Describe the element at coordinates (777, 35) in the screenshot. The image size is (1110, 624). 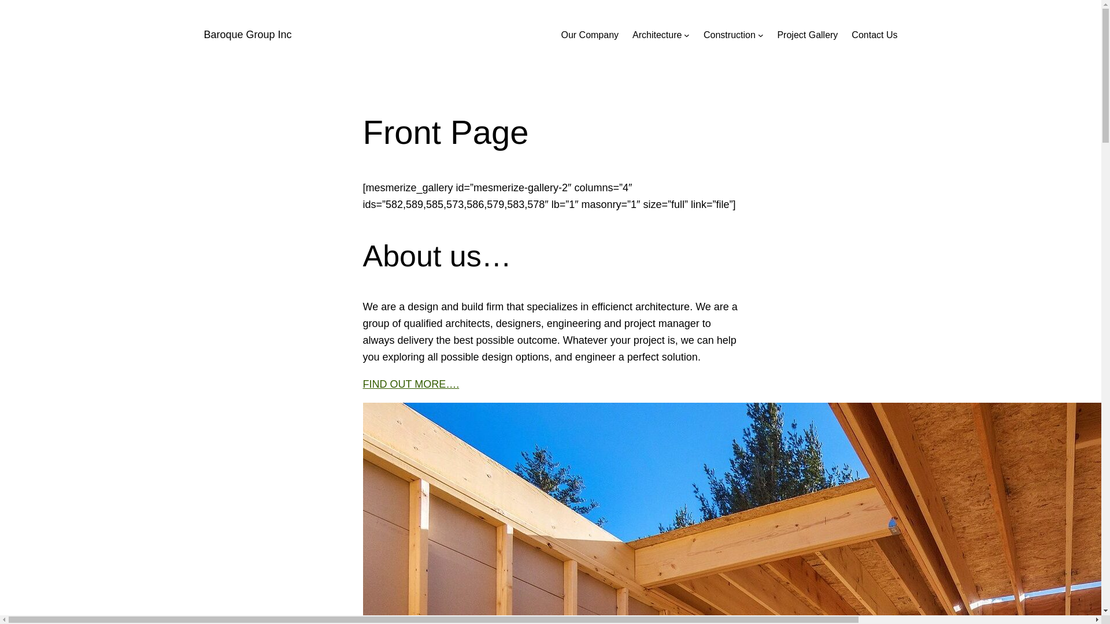
I see `'Project Gallery'` at that location.